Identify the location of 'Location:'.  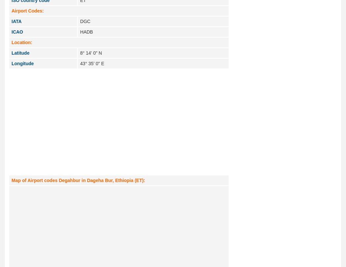
(11, 42).